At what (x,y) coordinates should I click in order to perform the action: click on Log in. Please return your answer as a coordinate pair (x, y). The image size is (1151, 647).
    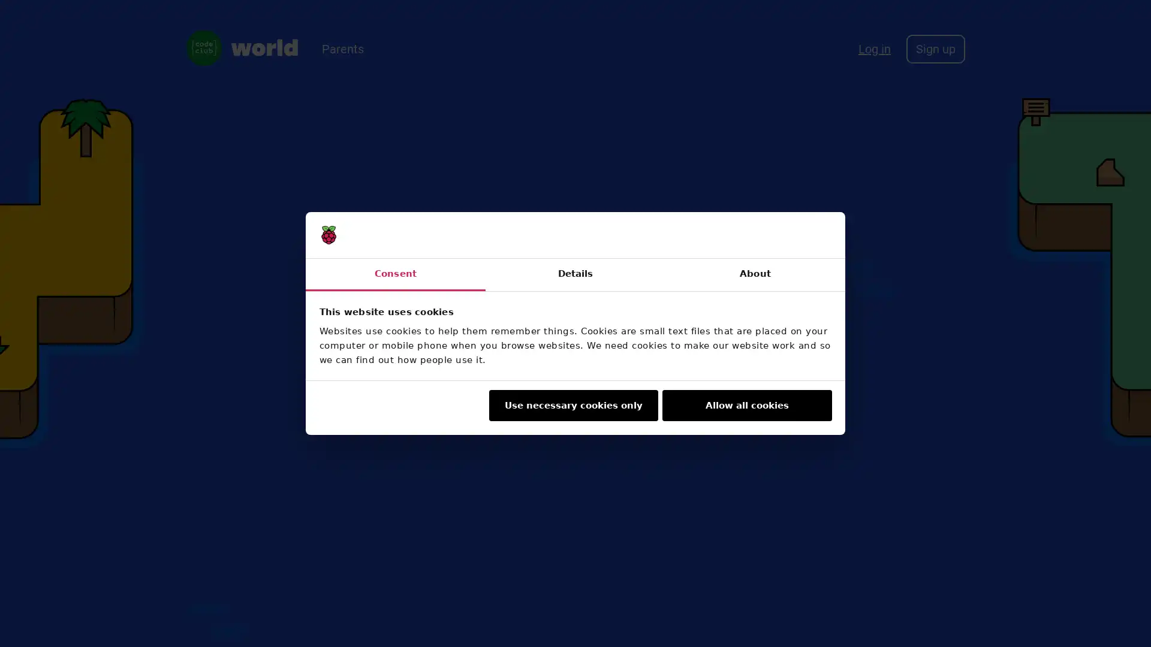
    Looking at the image, I should click on (875, 48).